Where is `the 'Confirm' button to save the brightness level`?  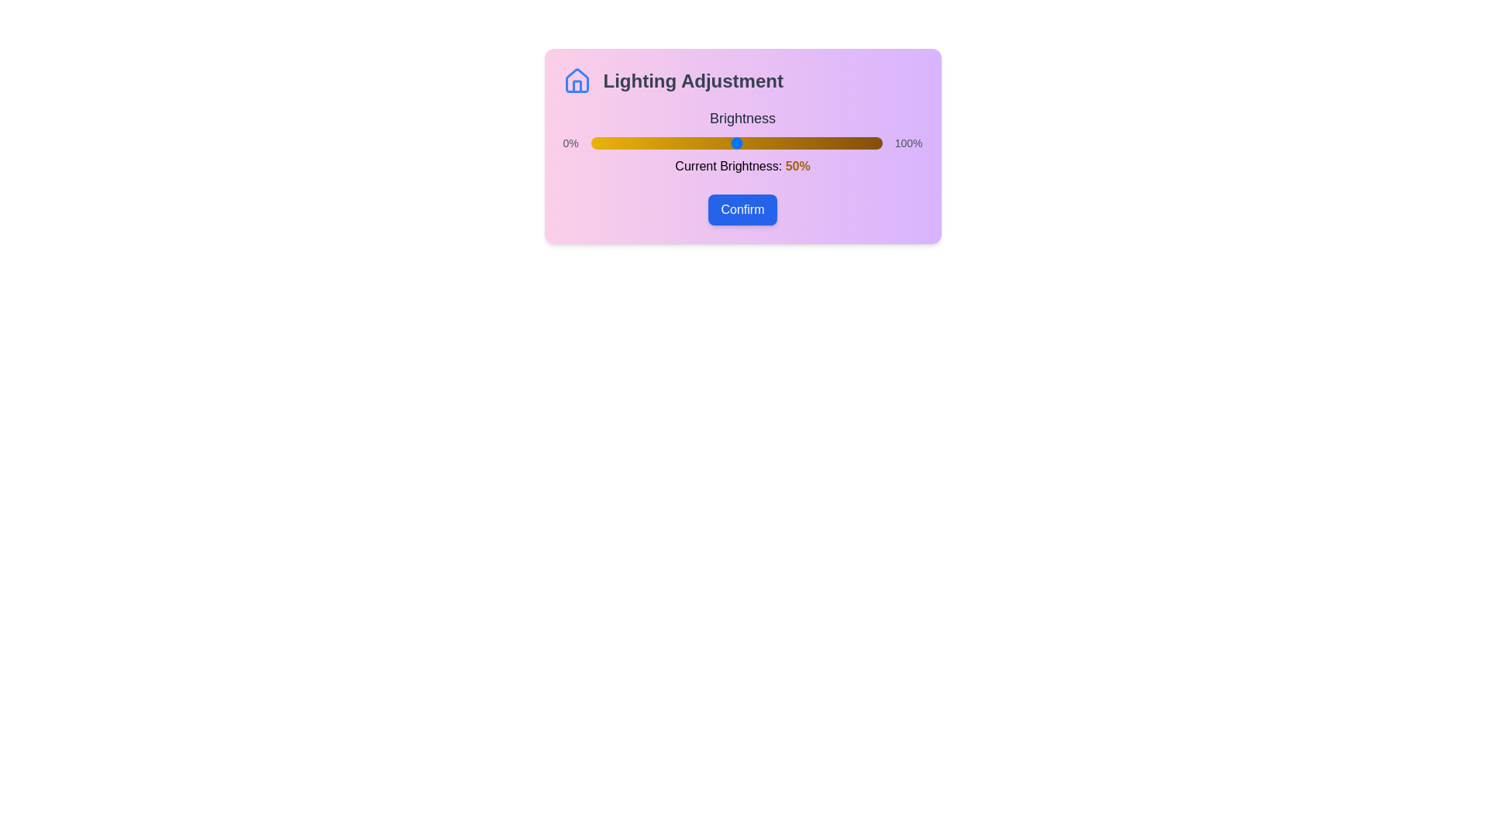 the 'Confirm' button to save the brightness level is located at coordinates (742, 209).